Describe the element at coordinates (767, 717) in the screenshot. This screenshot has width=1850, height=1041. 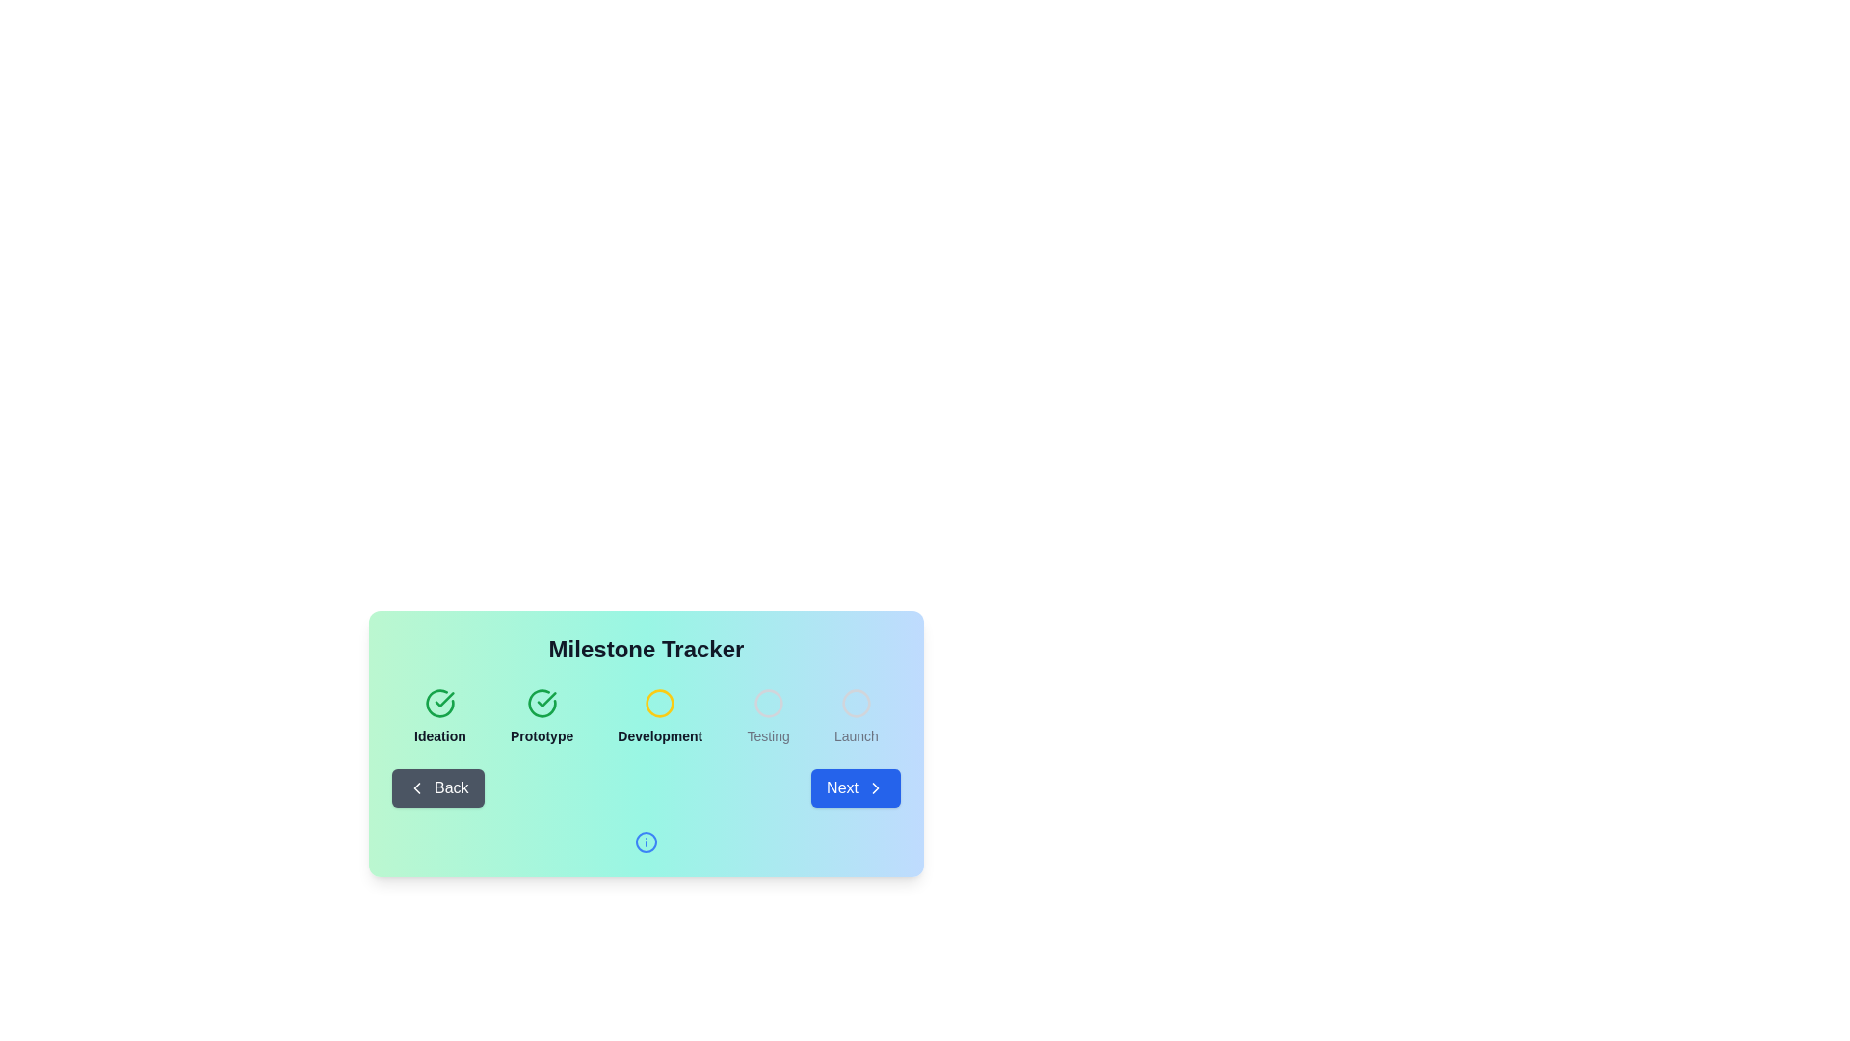
I see `the status of the fourth milestone indicator labeled 'Testing', which is a circular icon with a light gray outline positioned above the text 'Testing'` at that location.